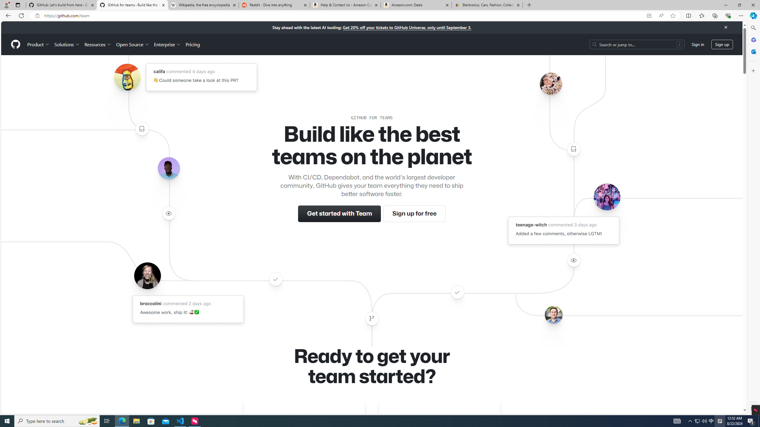 The height and width of the screenshot is (427, 760). I want to click on 'Solutions', so click(66, 44).